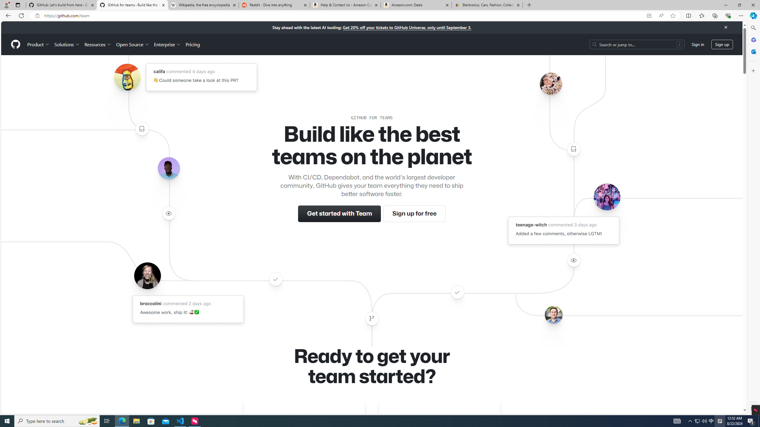 The height and width of the screenshot is (427, 760). I want to click on 'Solutions', so click(66, 44).